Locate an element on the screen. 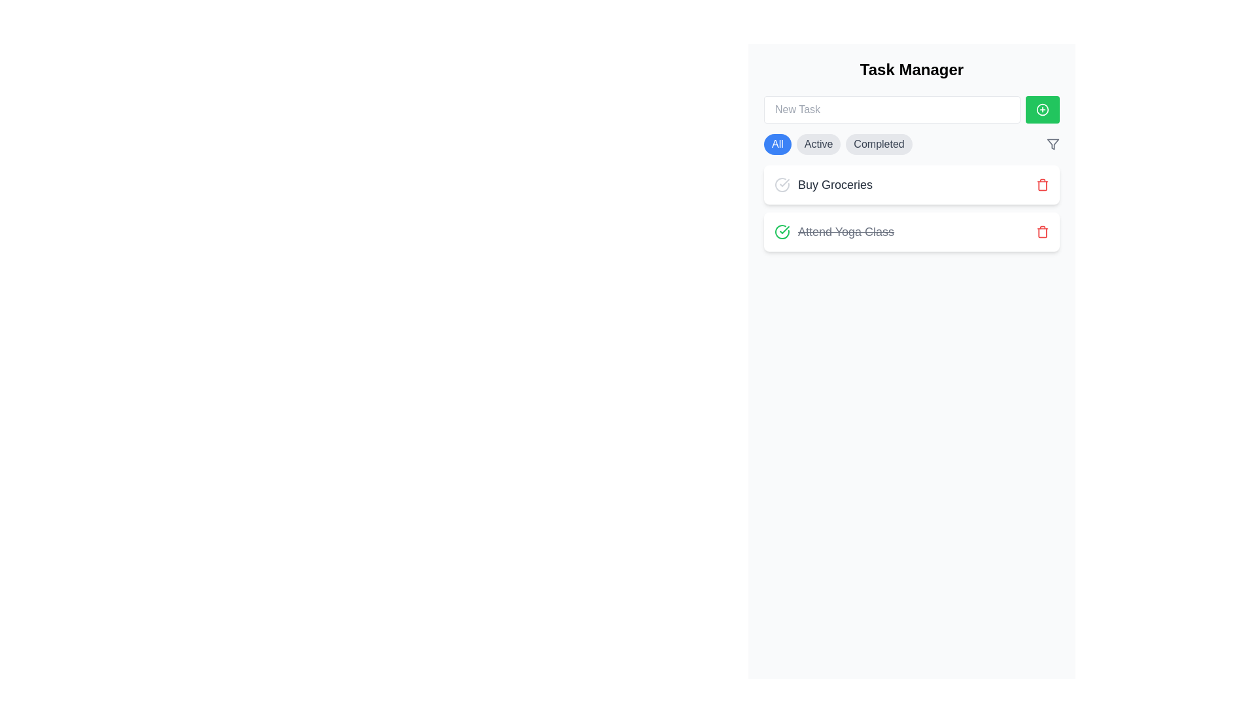 This screenshot has height=706, width=1256. the blue pill-shaped button labeled 'All' at the top-center of the interface is located at coordinates (777, 144).